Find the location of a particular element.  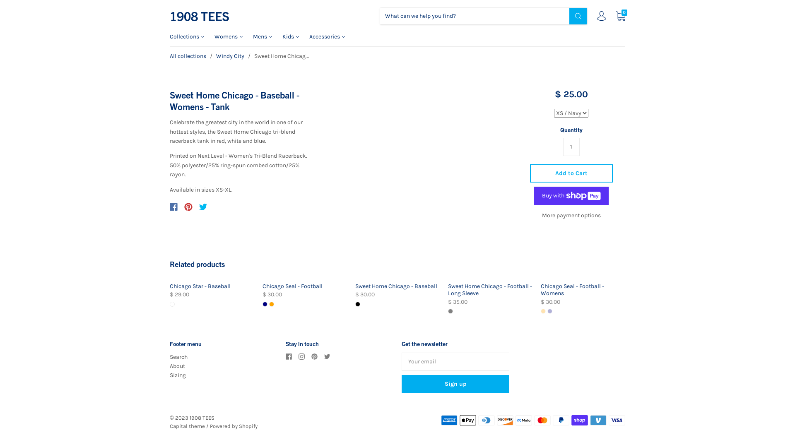

'Add to Cart' is located at coordinates (571, 173).